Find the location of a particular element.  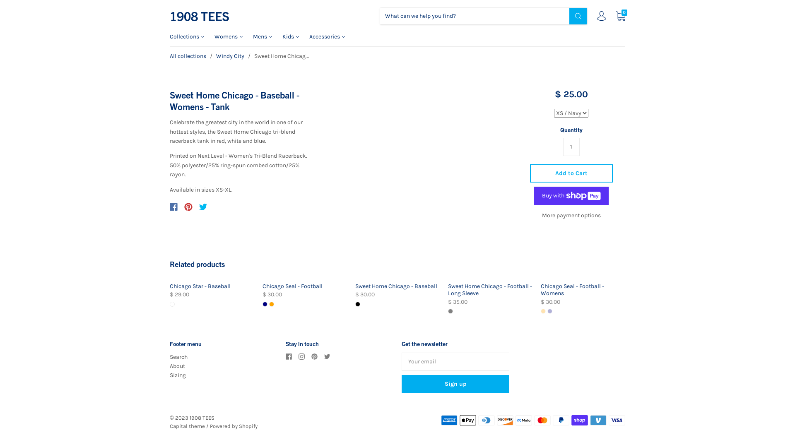

'Add to Cart' is located at coordinates (571, 173).